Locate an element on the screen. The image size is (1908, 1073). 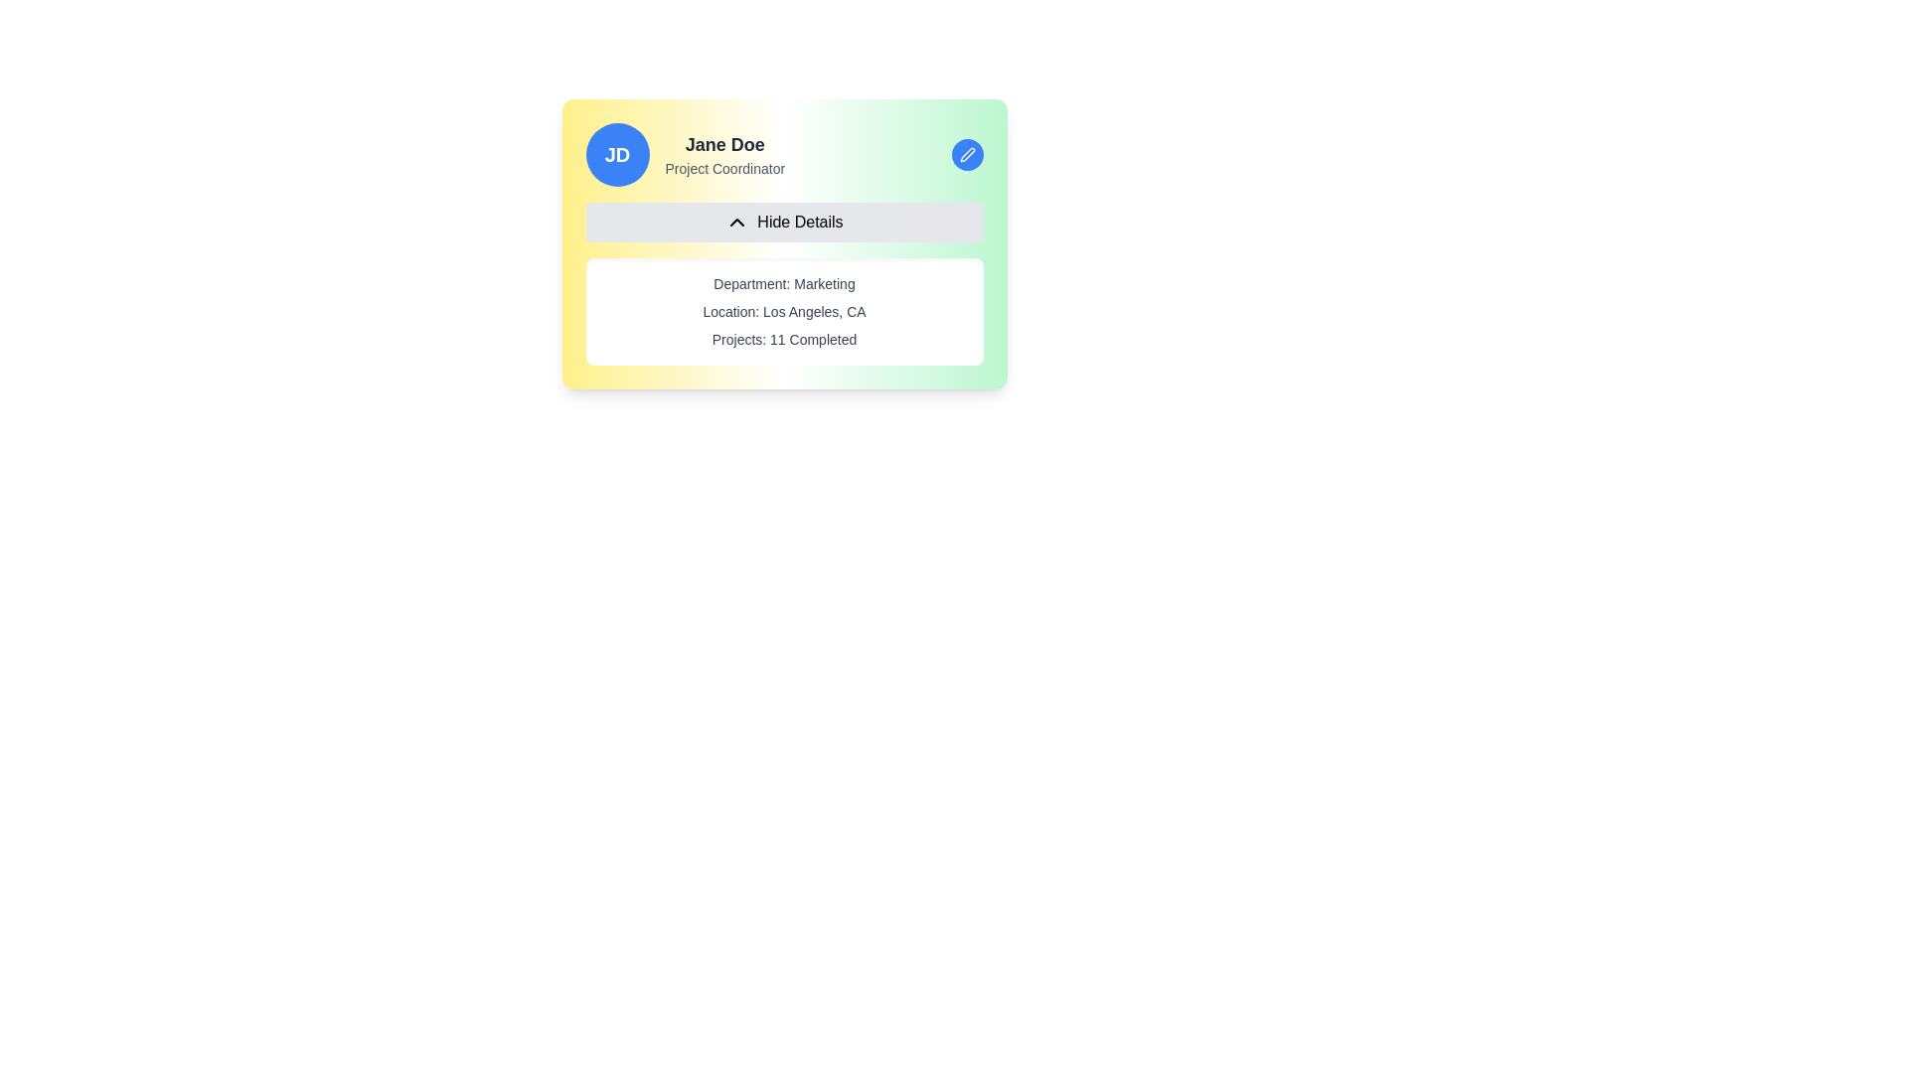
the pen icon located in the top-right corner of the user card is located at coordinates (967, 153).